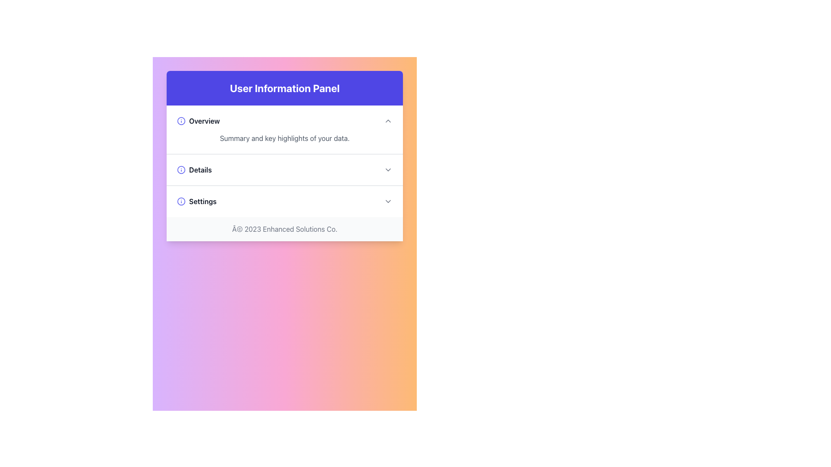 This screenshot has width=831, height=467. What do you see at coordinates (284, 161) in the screenshot?
I see `the second collapsible section within the 'User Information Panel'` at bounding box center [284, 161].